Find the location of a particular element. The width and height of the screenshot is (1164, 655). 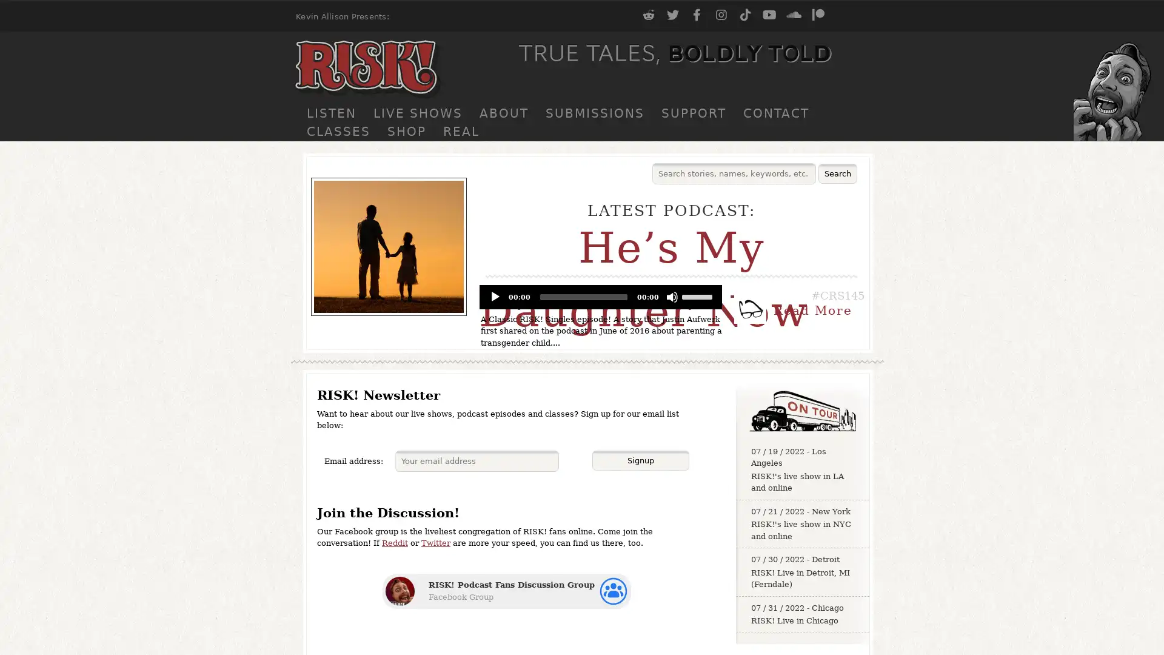

Play is located at coordinates (495, 297).